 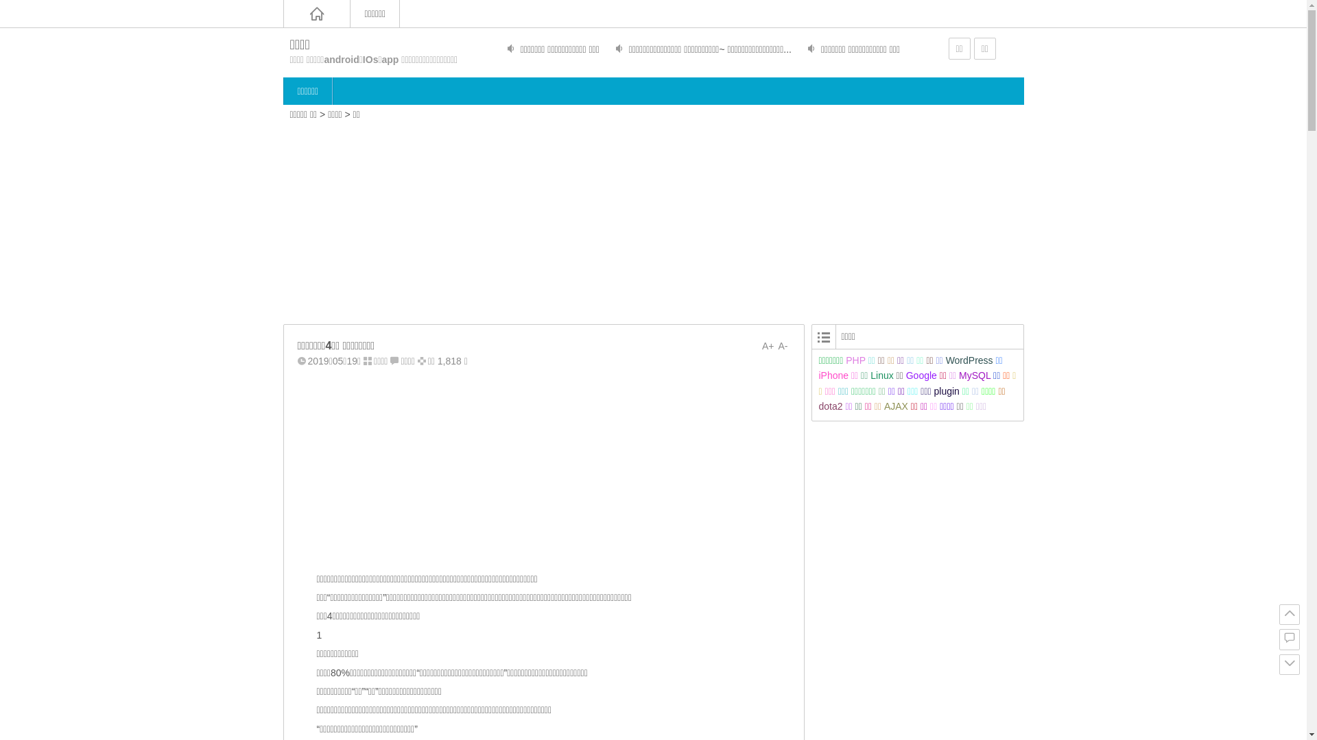 I want to click on 'WordPress', so click(x=945, y=359).